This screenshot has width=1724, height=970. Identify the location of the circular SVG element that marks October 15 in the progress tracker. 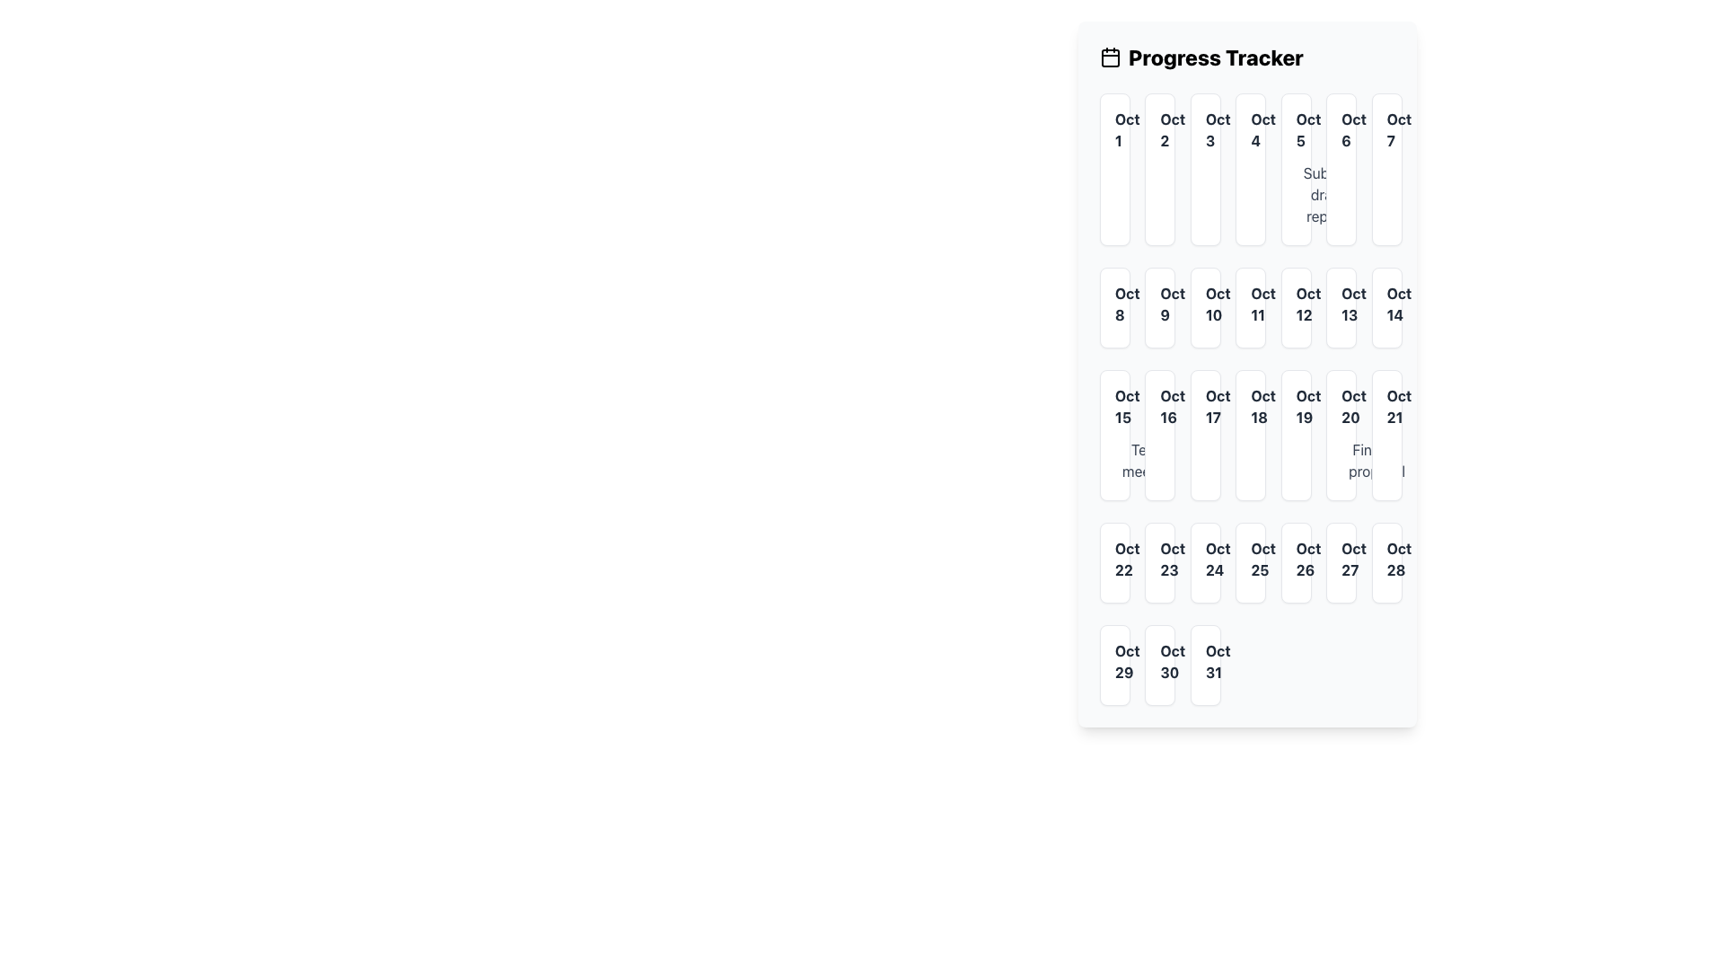
(1124, 460).